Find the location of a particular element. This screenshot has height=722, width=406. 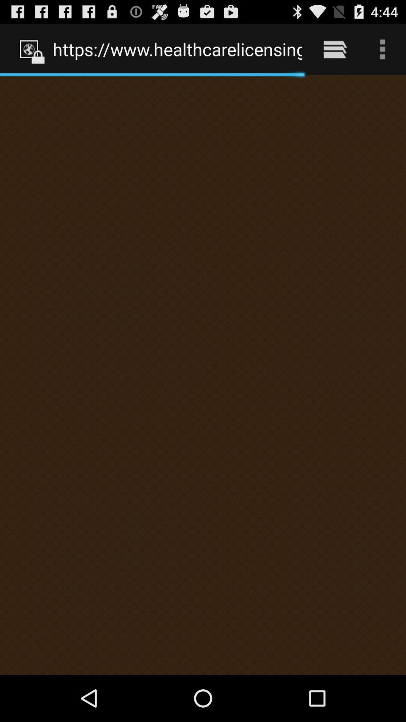

https www healthcarelicensing item is located at coordinates (177, 49).